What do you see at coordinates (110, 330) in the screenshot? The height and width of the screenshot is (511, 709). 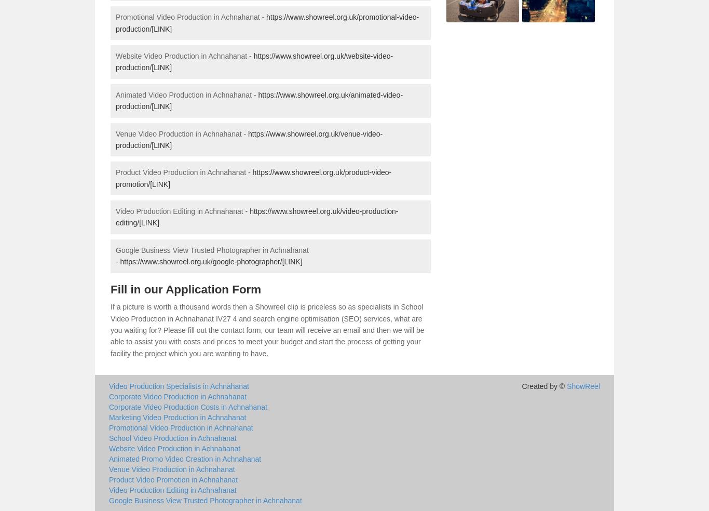 I see `'If a picture is worth a thousand words then a Showreel clip is priceless so as specialists in School Video Production in Achnahanat IV27 4 and search engine optimisation (SEO) services, what are you waiting for? Please fill out the contact form, our team will receive an email and then we will be able to assist you with costs and prices to meet your budget and start the process of getting your facility the project which you are wanting to have.'` at bounding box center [110, 330].